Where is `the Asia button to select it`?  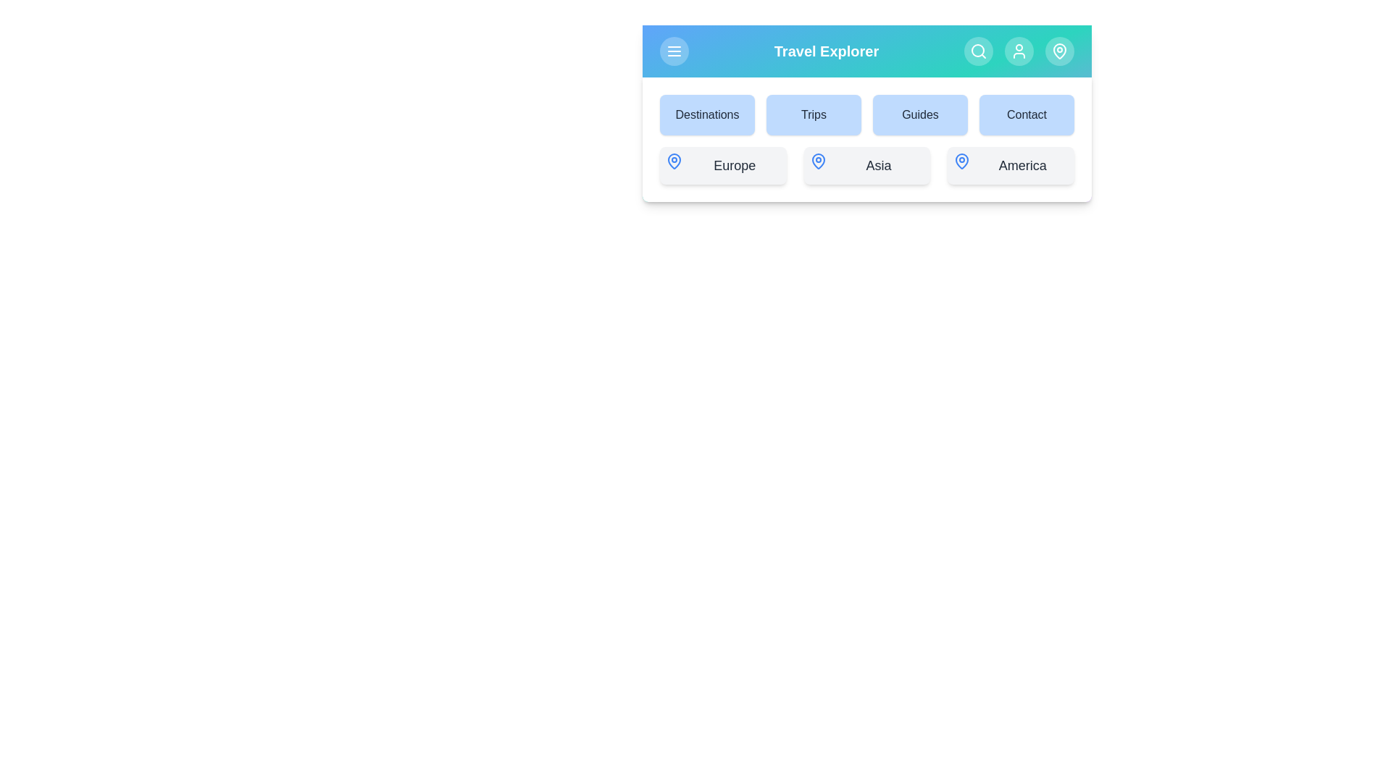
the Asia button to select it is located at coordinates (866, 164).